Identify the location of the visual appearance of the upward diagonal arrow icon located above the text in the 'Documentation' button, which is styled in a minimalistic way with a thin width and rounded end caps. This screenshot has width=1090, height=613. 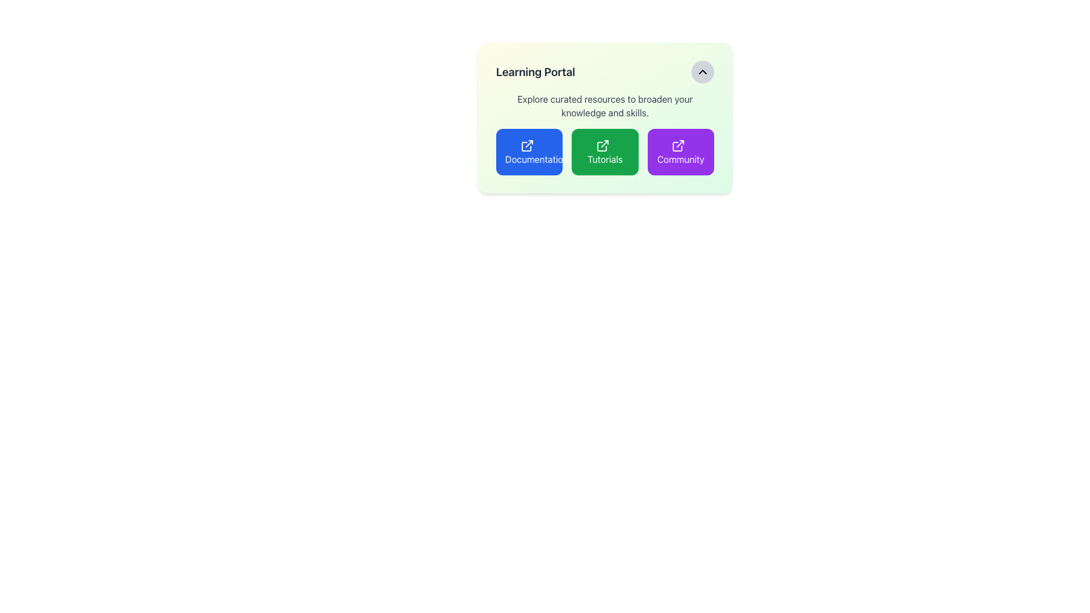
(529, 143).